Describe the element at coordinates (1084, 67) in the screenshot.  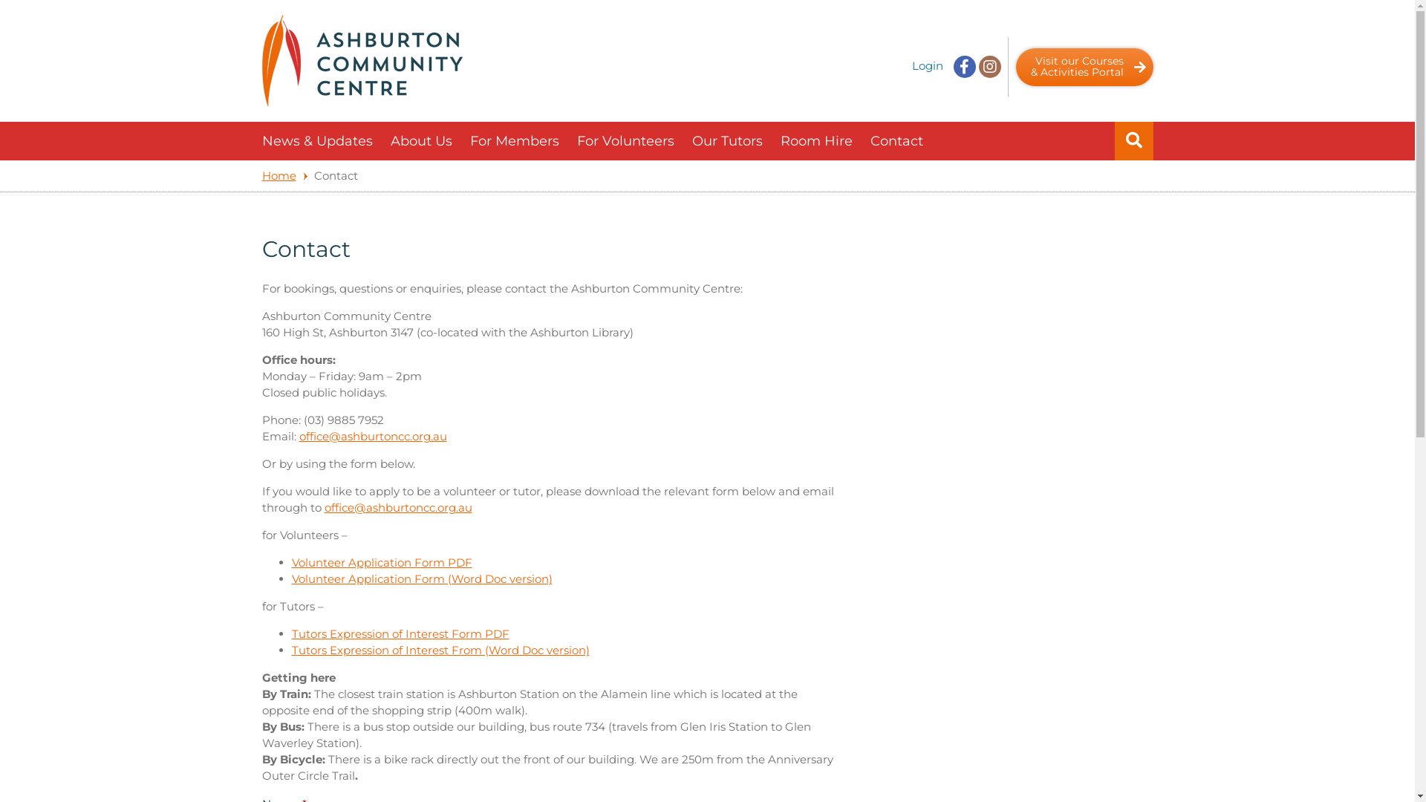
I see `'Visit our Courses` at that location.